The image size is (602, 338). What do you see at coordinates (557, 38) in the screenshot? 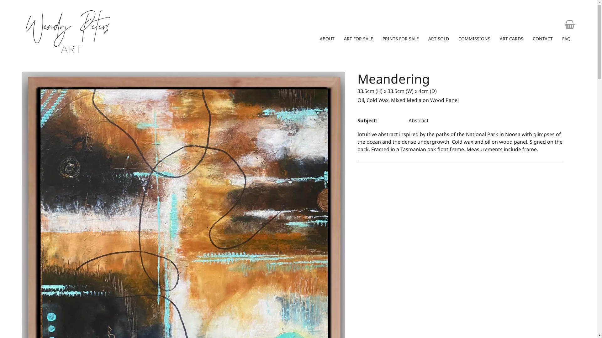
I see `'FAQ'` at bounding box center [557, 38].